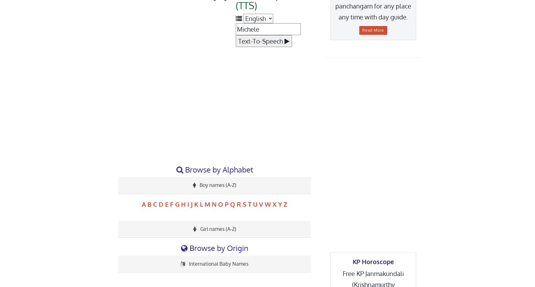 Image resolution: width=535 pixels, height=287 pixels. Describe the element at coordinates (373, 261) in the screenshot. I see `'KP Horoscope'` at that location.